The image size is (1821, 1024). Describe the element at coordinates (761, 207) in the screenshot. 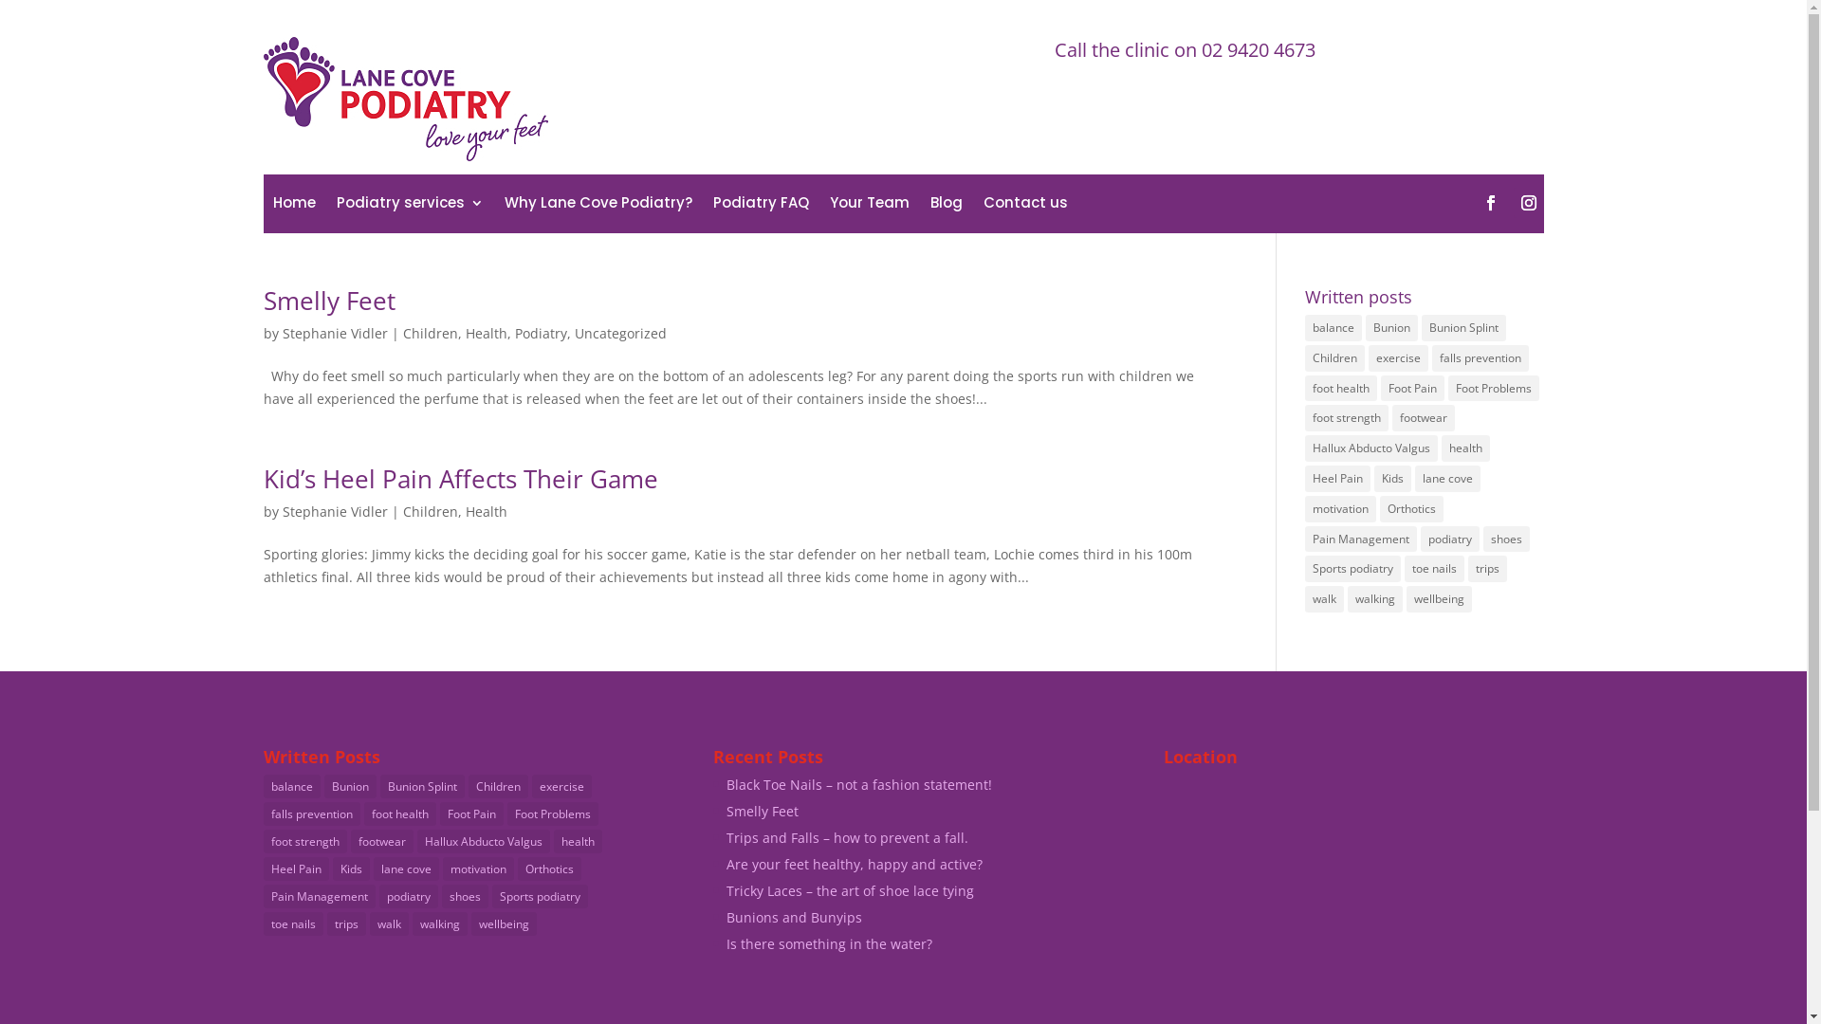

I see `'Podiatry FAQ'` at that location.